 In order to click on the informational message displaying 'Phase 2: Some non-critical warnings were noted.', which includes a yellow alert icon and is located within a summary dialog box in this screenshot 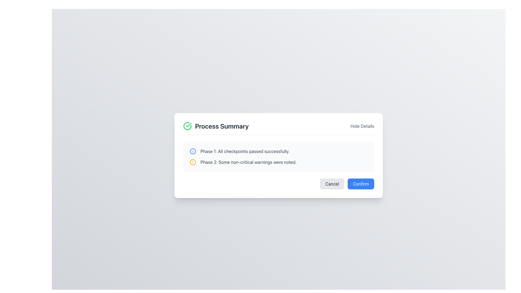, I will do `click(279, 162)`.